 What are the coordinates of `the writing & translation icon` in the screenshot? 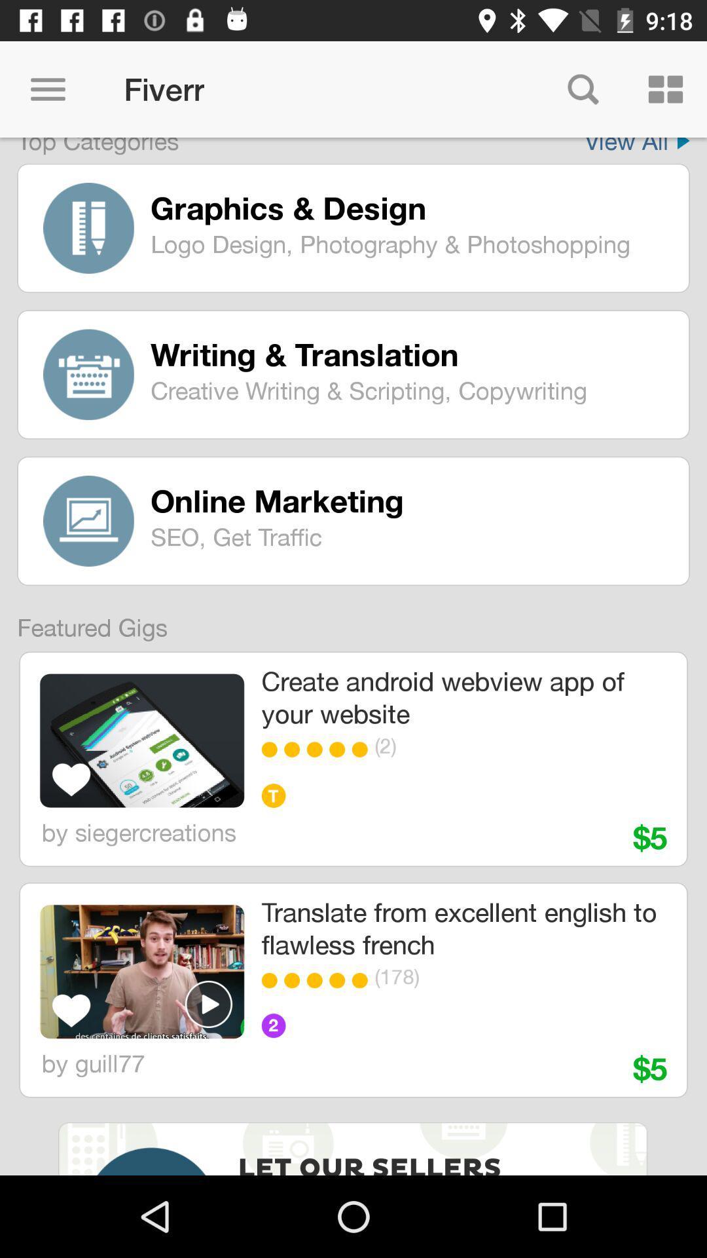 It's located at (410, 354).